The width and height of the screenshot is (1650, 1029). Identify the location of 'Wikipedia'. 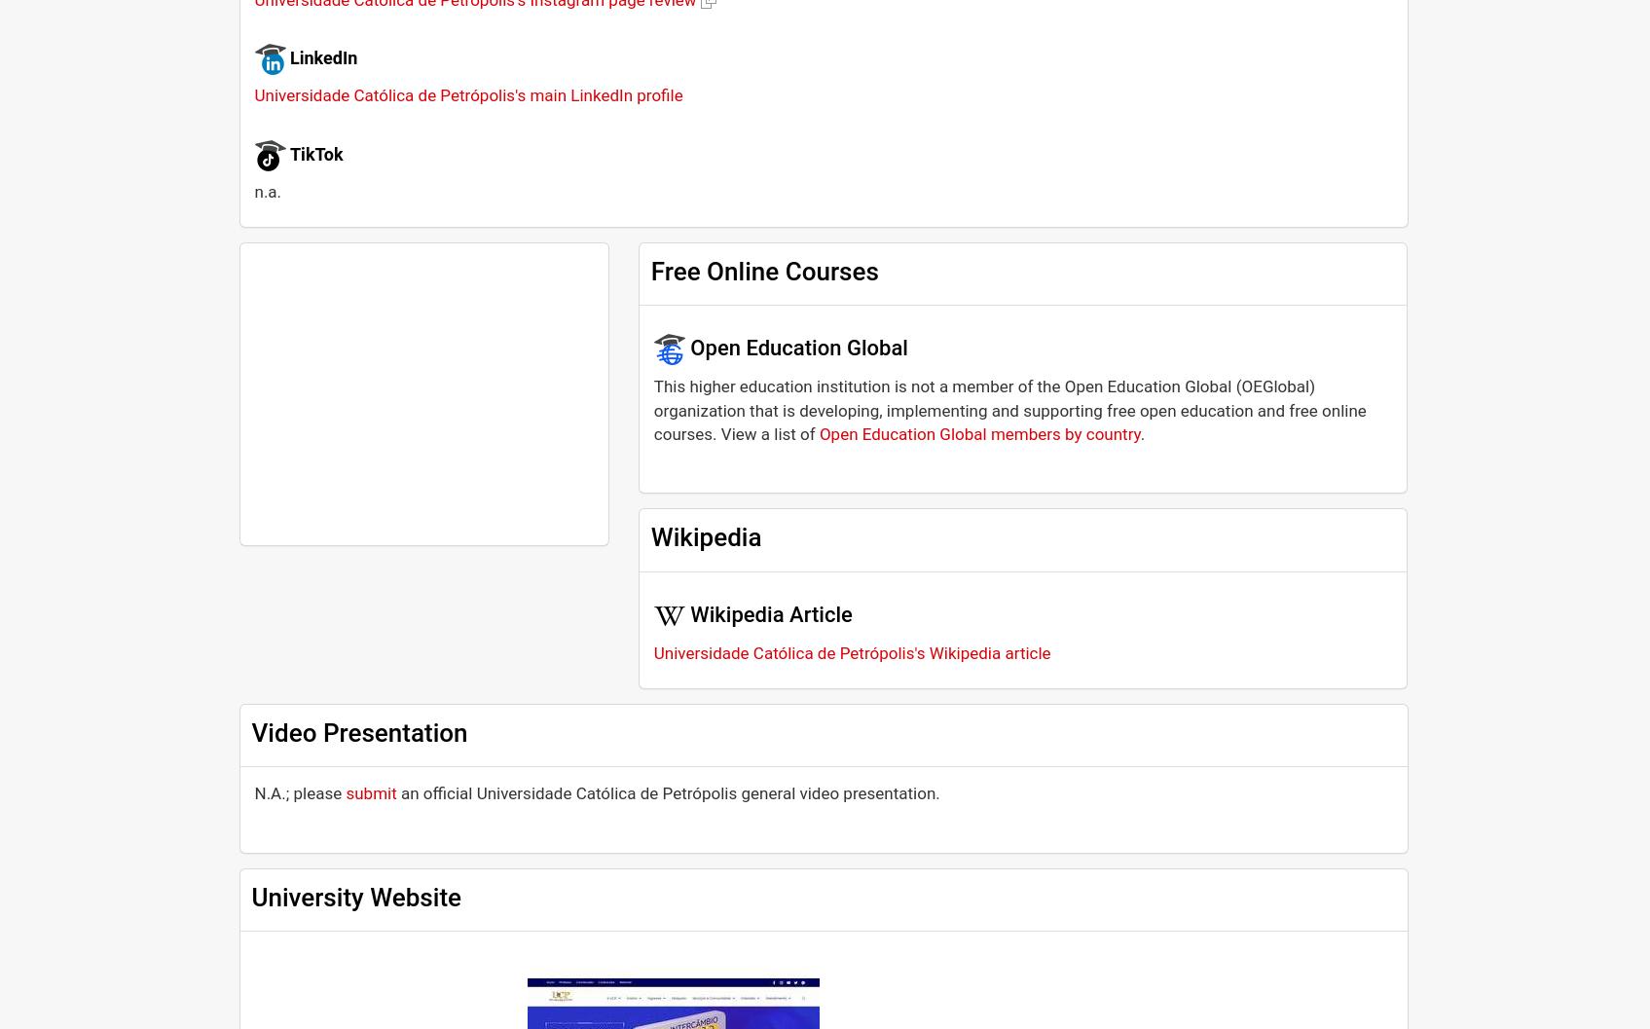
(704, 535).